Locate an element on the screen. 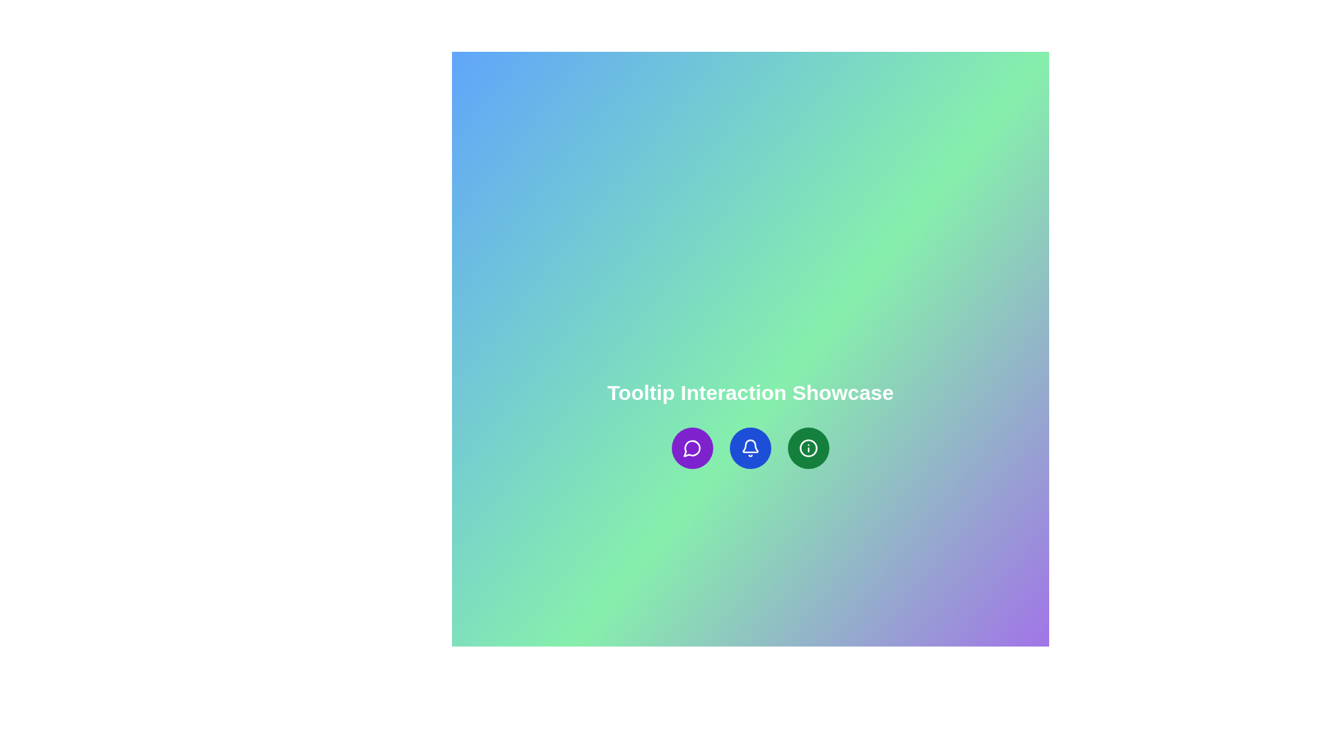 This screenshot has height=746, width=1327. the circular button with a purple background and a white message bubble icon is located at coordinates (693, 448).